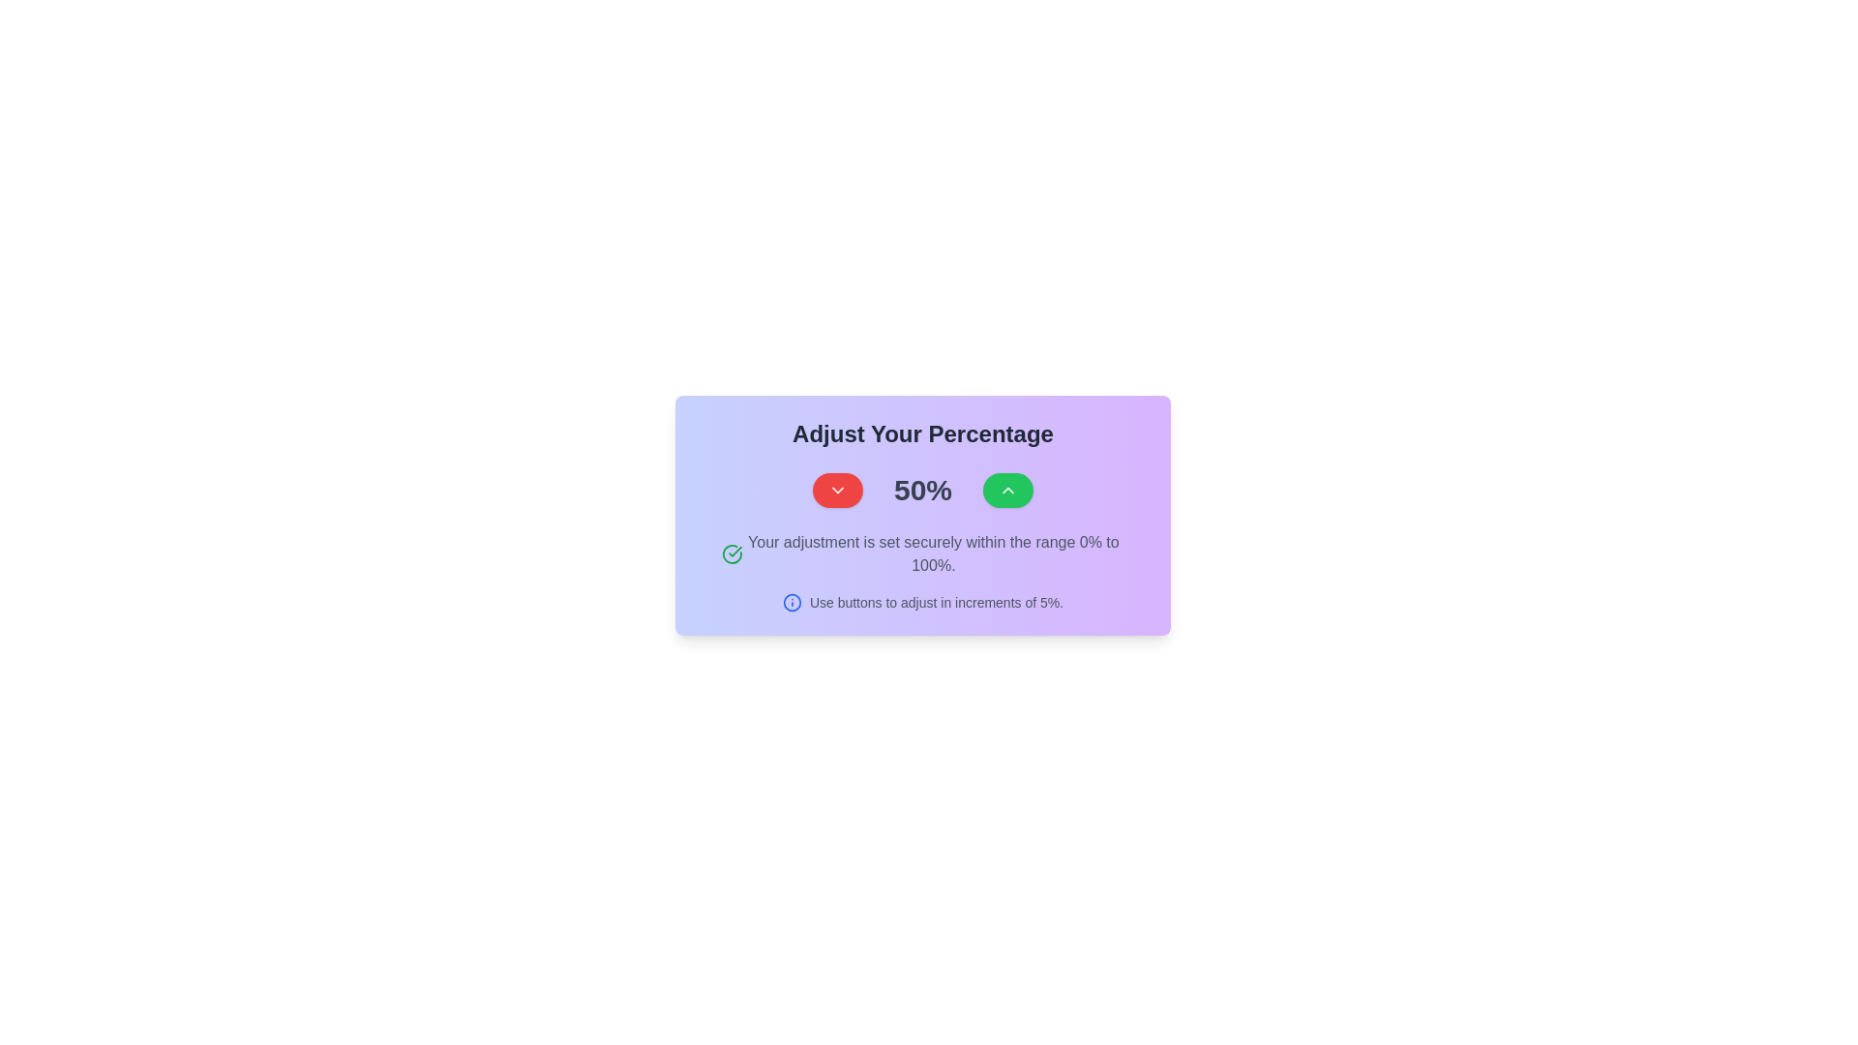 Image resolution: width=1858 pixels, height=1045 pixels. What do you see at coordinates (937, 602) in the screenshot?
I see `the instructional static text located in the bottom section of the card, which guides users on adjusting a value incrementally by 5%, positioned to the right of the information icon` at bounding box center [937, 602].